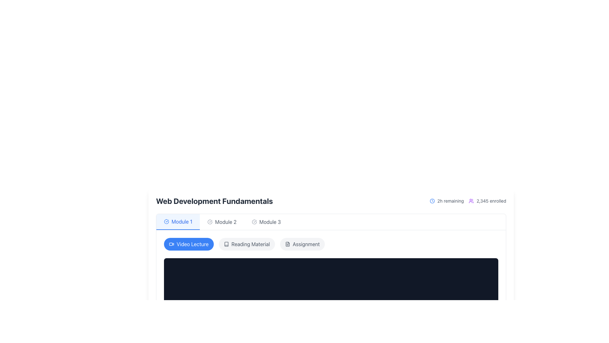 This screenshot has width=609, height=343. I want to click on displayed information on the Information display unit located to the right of the 'Web Development Fundamentals' title, which shows '2h remaining' and '2,345 enrolled' with respective icons, so click(468, 201).